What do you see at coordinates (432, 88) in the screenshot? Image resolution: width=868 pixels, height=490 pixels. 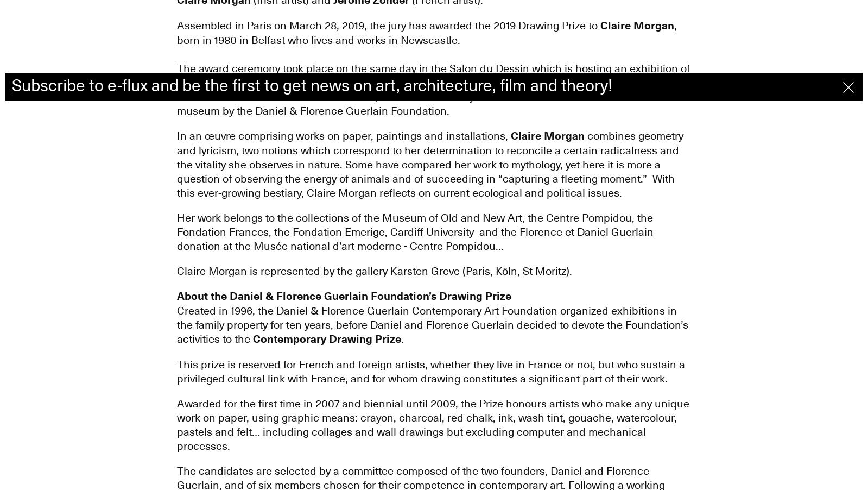 I see `'The award ceremony took place on the same day in the Salon du Dessin which is hosting an exhibition of the three nominated artists until April 1. The winner received a prize of 15,000 EUR, whilst the other two artists each received an endowment of 5,000 EUR. A work by the winner will be offered to a French museum by the Daniel & Florence Guerlain Foundation.'` at bounding box center [432, 88].